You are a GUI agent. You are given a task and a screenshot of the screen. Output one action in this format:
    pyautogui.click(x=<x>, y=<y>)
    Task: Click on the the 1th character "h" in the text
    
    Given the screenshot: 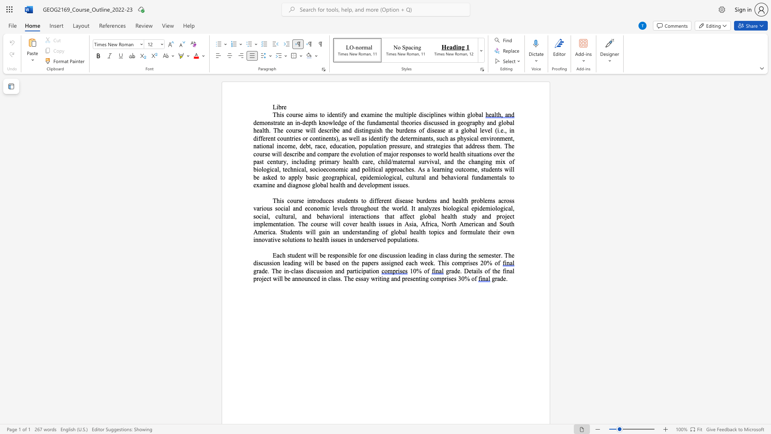 What is the action you would take?
    pyautogui.click(x=278, y=115)
    